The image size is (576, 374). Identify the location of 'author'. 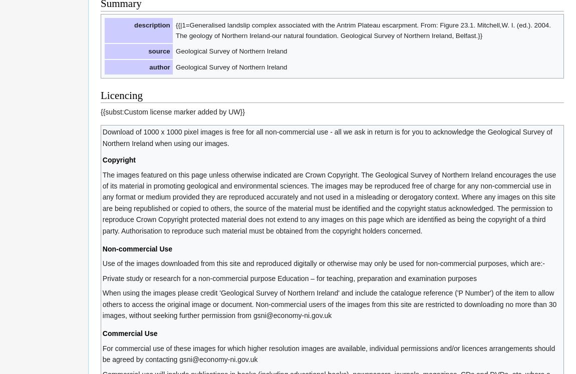
(159, 66).